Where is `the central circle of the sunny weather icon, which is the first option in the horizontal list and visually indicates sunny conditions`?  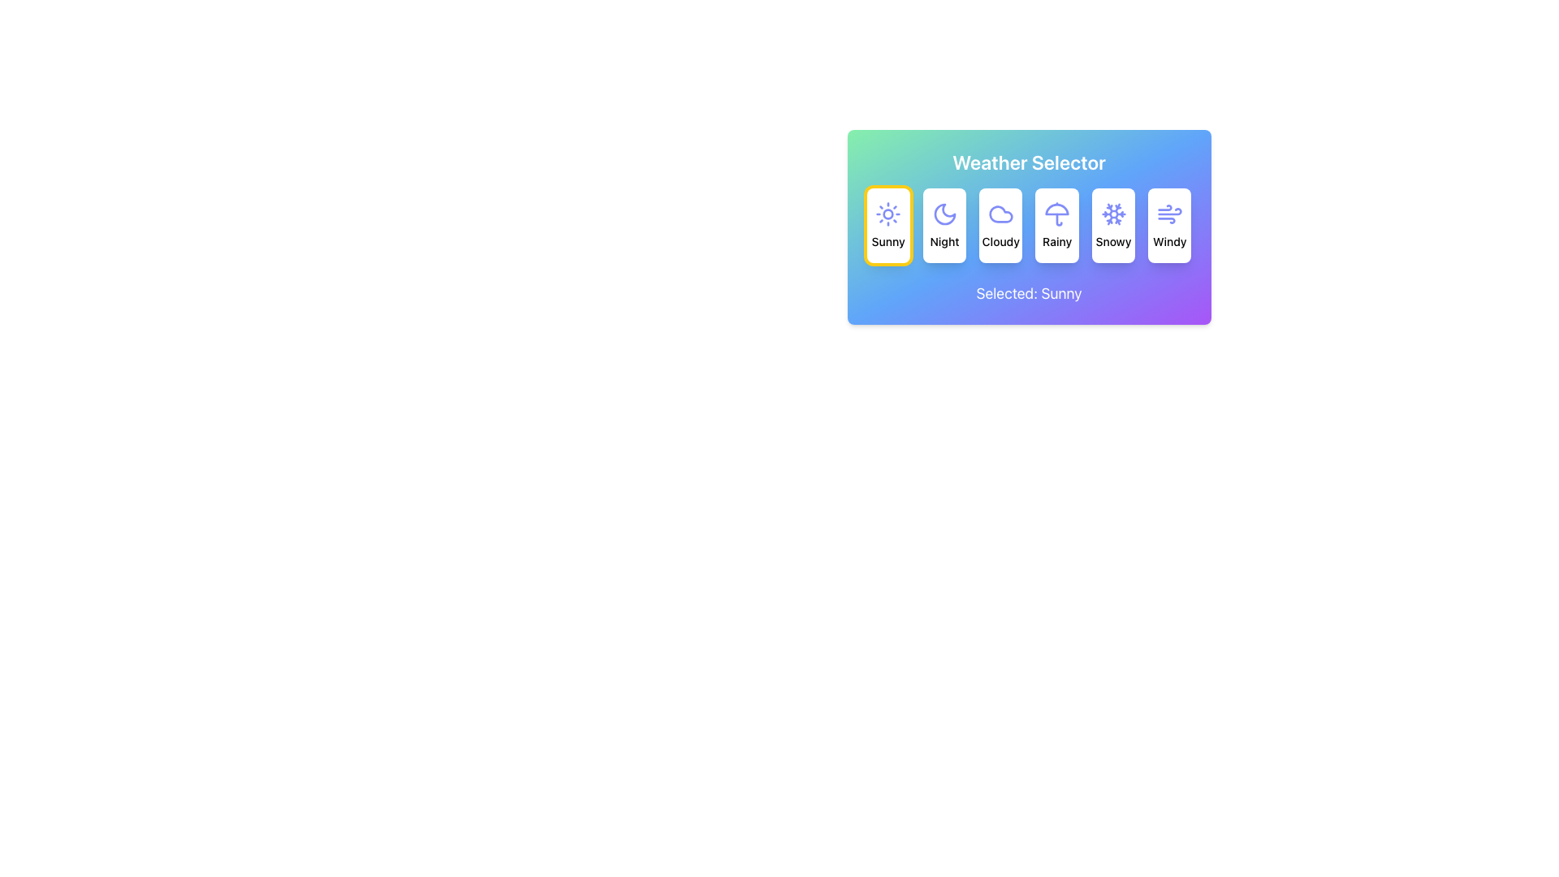
the central circle of the sunny weather icon, which is the first option in the horizontal list and visually indicates sunny conditions is located at coordinates (887, 213).